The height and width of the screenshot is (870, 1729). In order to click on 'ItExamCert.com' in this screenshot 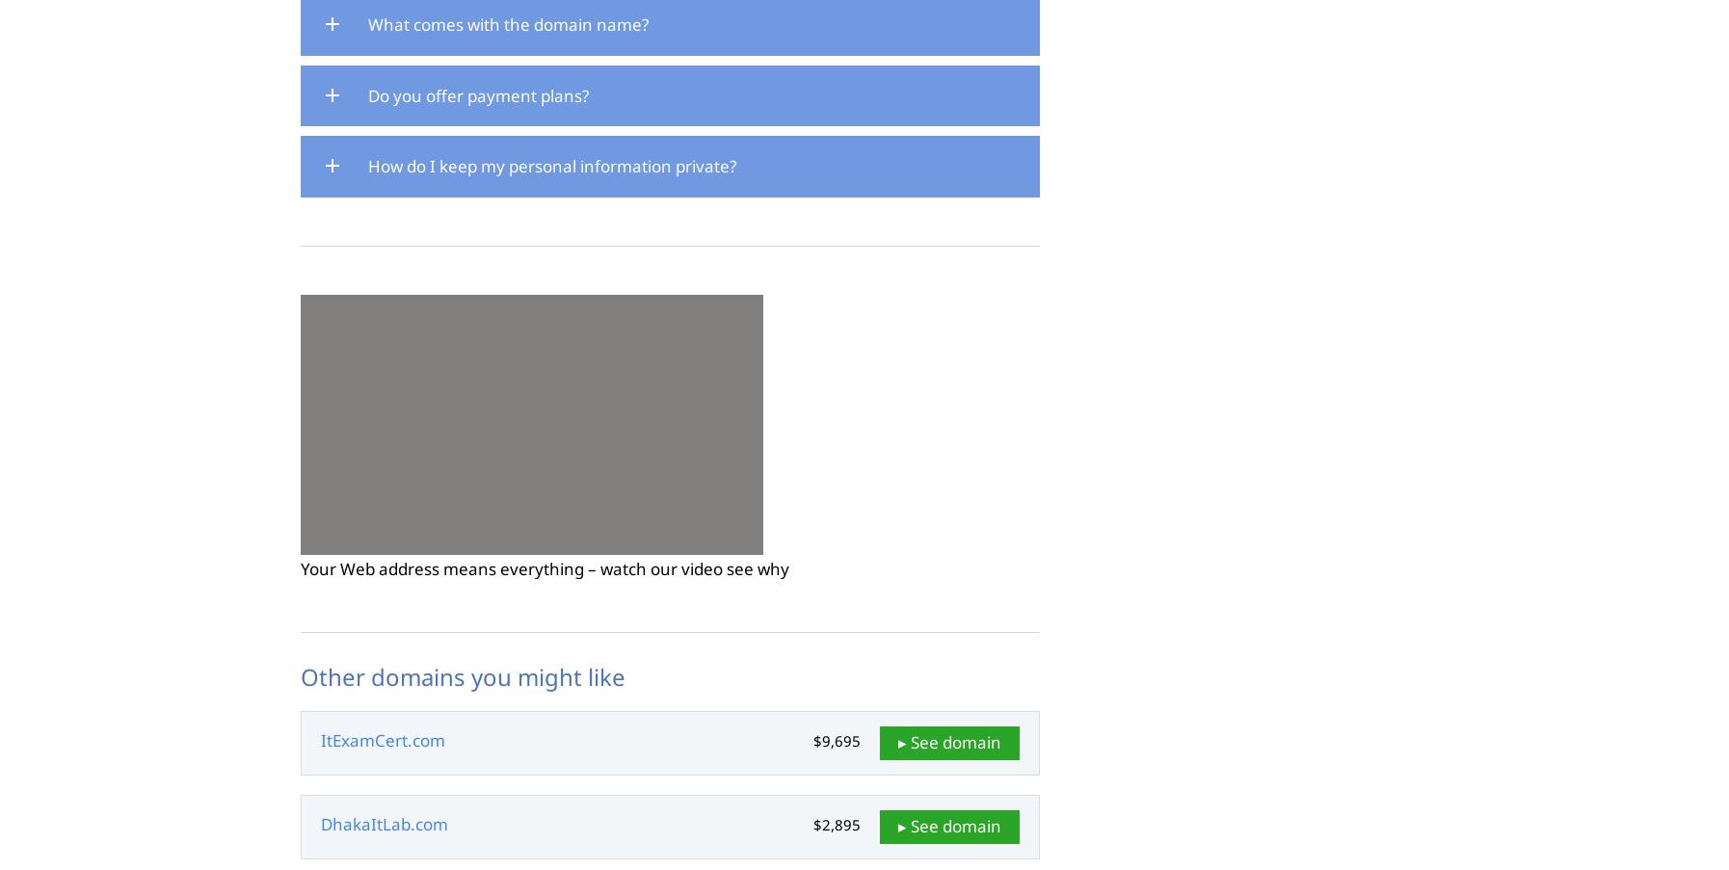, I will do `click(382, 740)`.